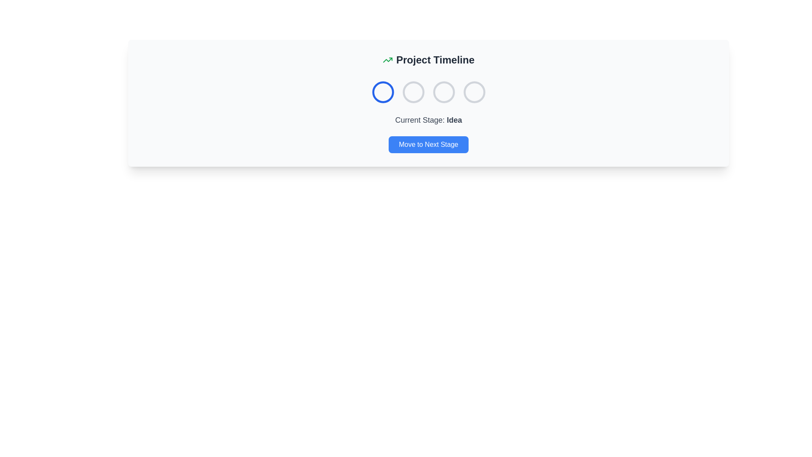 This screenshot has height=457, width=812. I want to click on the text fragment displaying 'Idea' in bold, dark color, which is part of the sentence 'Current Stage: Idea' located below the timeline visualization and above the 'Move to Next Stage' button, so click(454, 120).